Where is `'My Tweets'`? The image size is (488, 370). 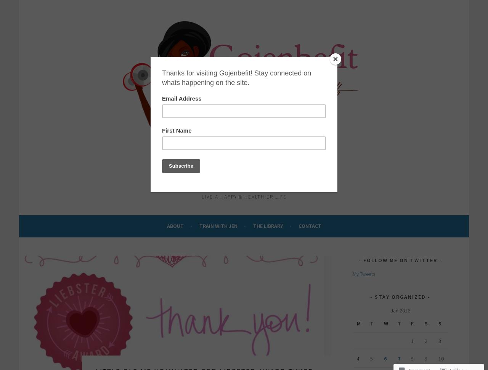 'My Tweets' is located at coordinates (363, 273).